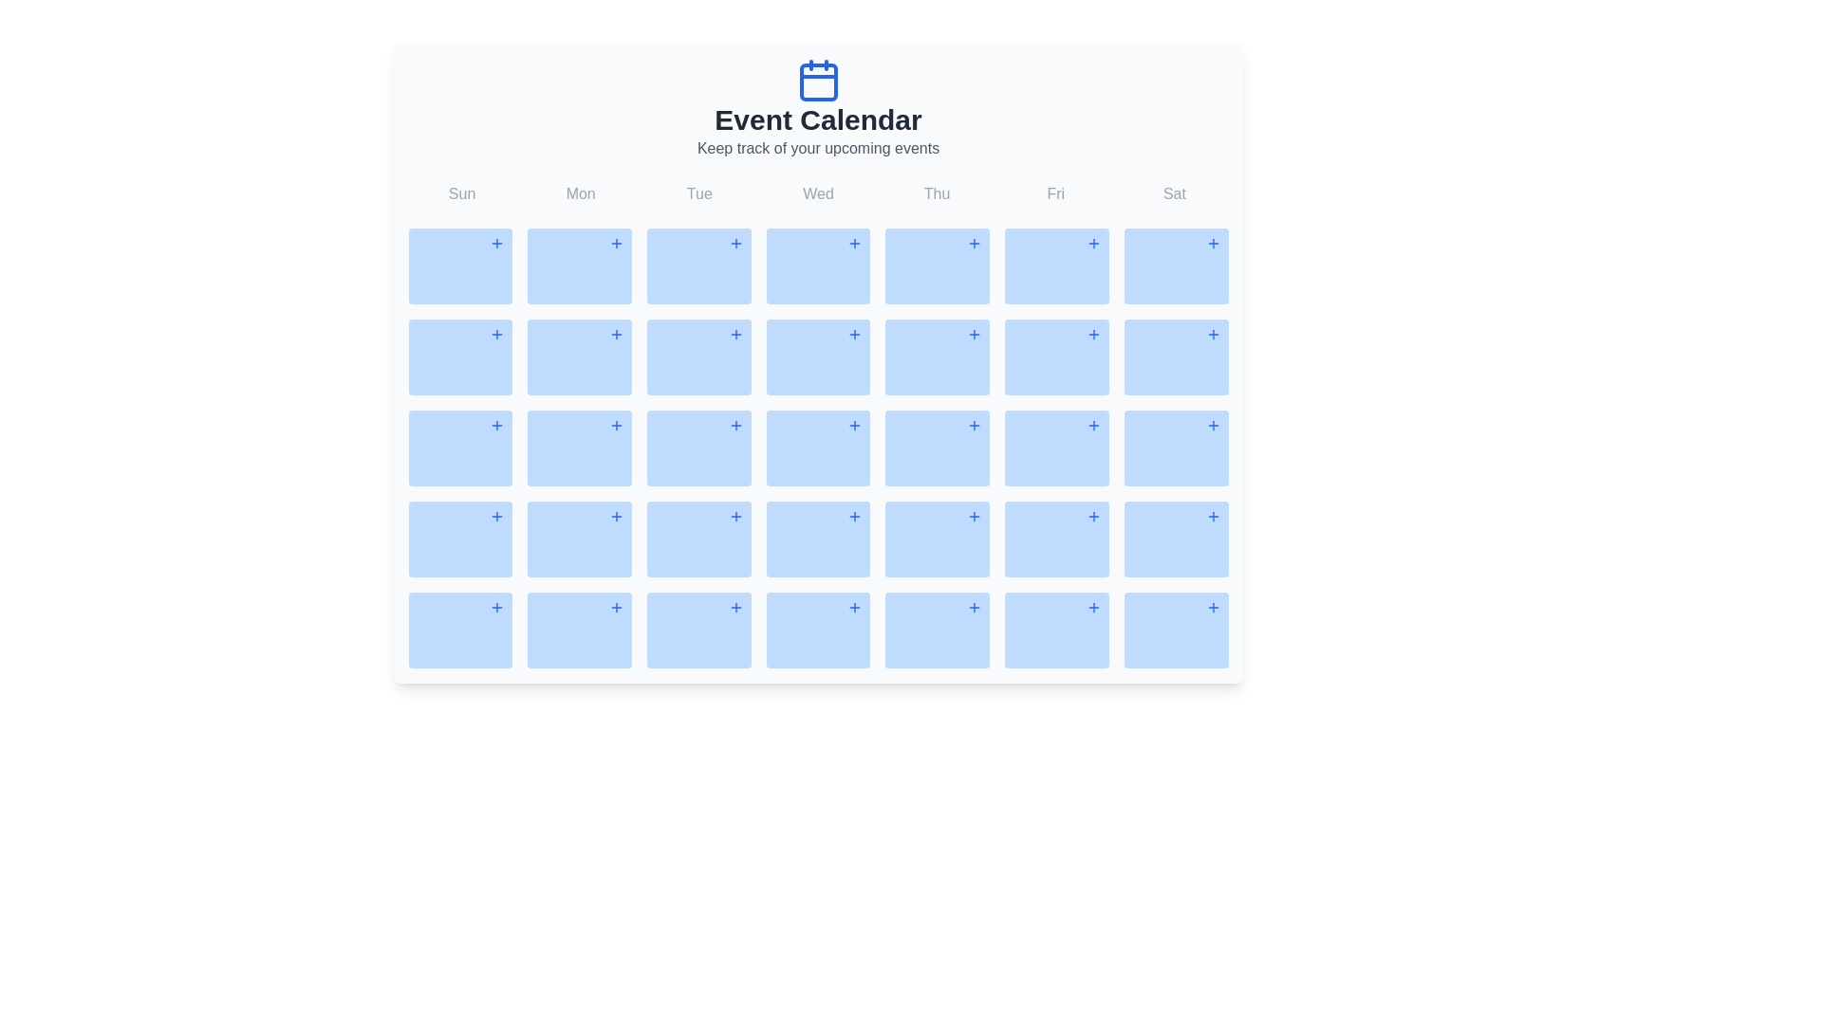 This screenshot has width=1822, height=1024. What do you see at coordinates (616, 334) in the screenshot?
I see `the action button located in the top-right corner of the calendar cell under the Monday column in the second row of the grid, which is used to add or create events` at bounding box center [616, 334].